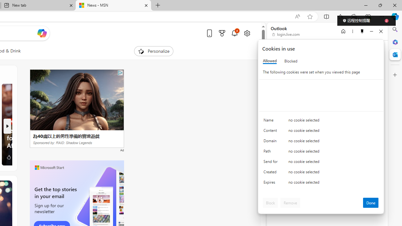 This screenshot has height=226, width=402. Describe the element at coordinates (291, 61) in the screenshot. I see `'Blocked'` at that location.